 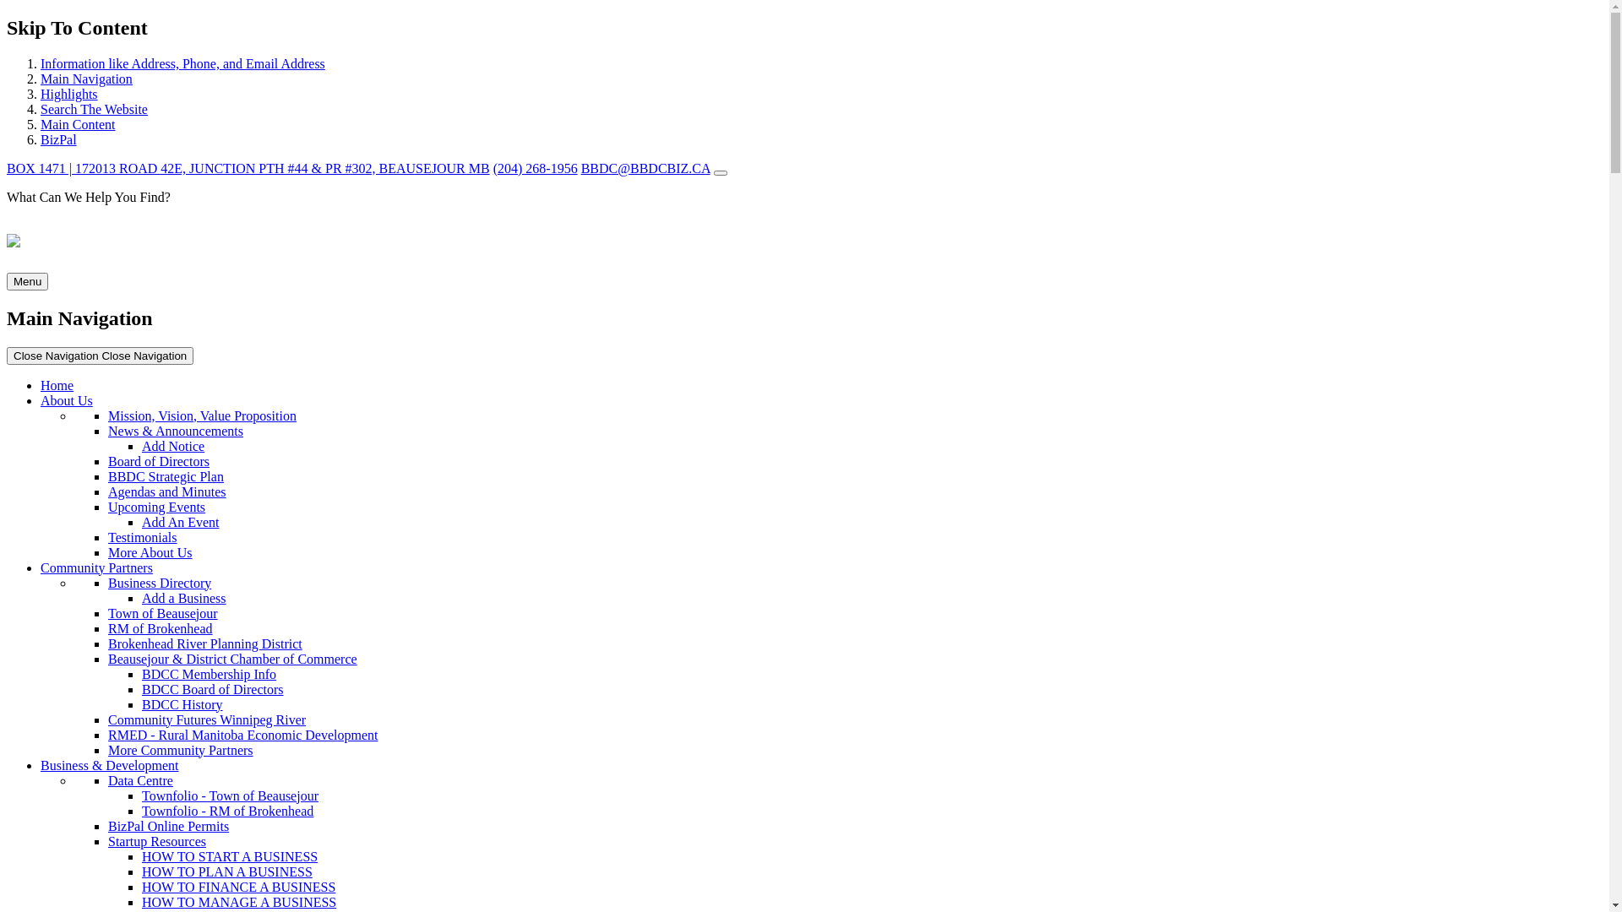 I want to click on 'Menu', so click(x=7, y=280).